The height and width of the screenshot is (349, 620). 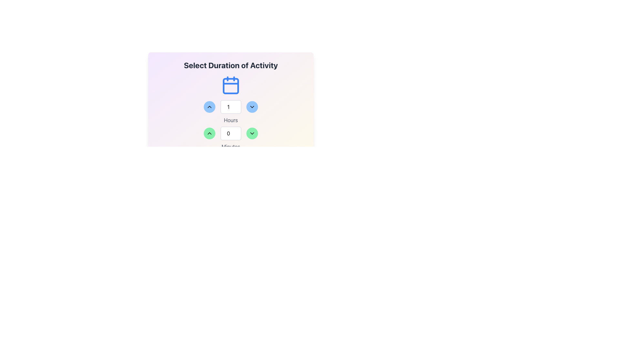 I want to click on the rightmost button in the group of controls to decrease the value in the associated numeric input field labeled 'Hours' by one unit, so click(x=252, y=107).